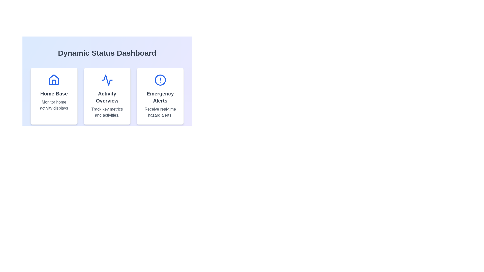  Describe the element at coordinates (54, 82) in the screenshot. I see `the blue door element located in the central lower section of the house icon within the 'Home Base' card under the 'Dynamic Status Dashboard' header` at that location.